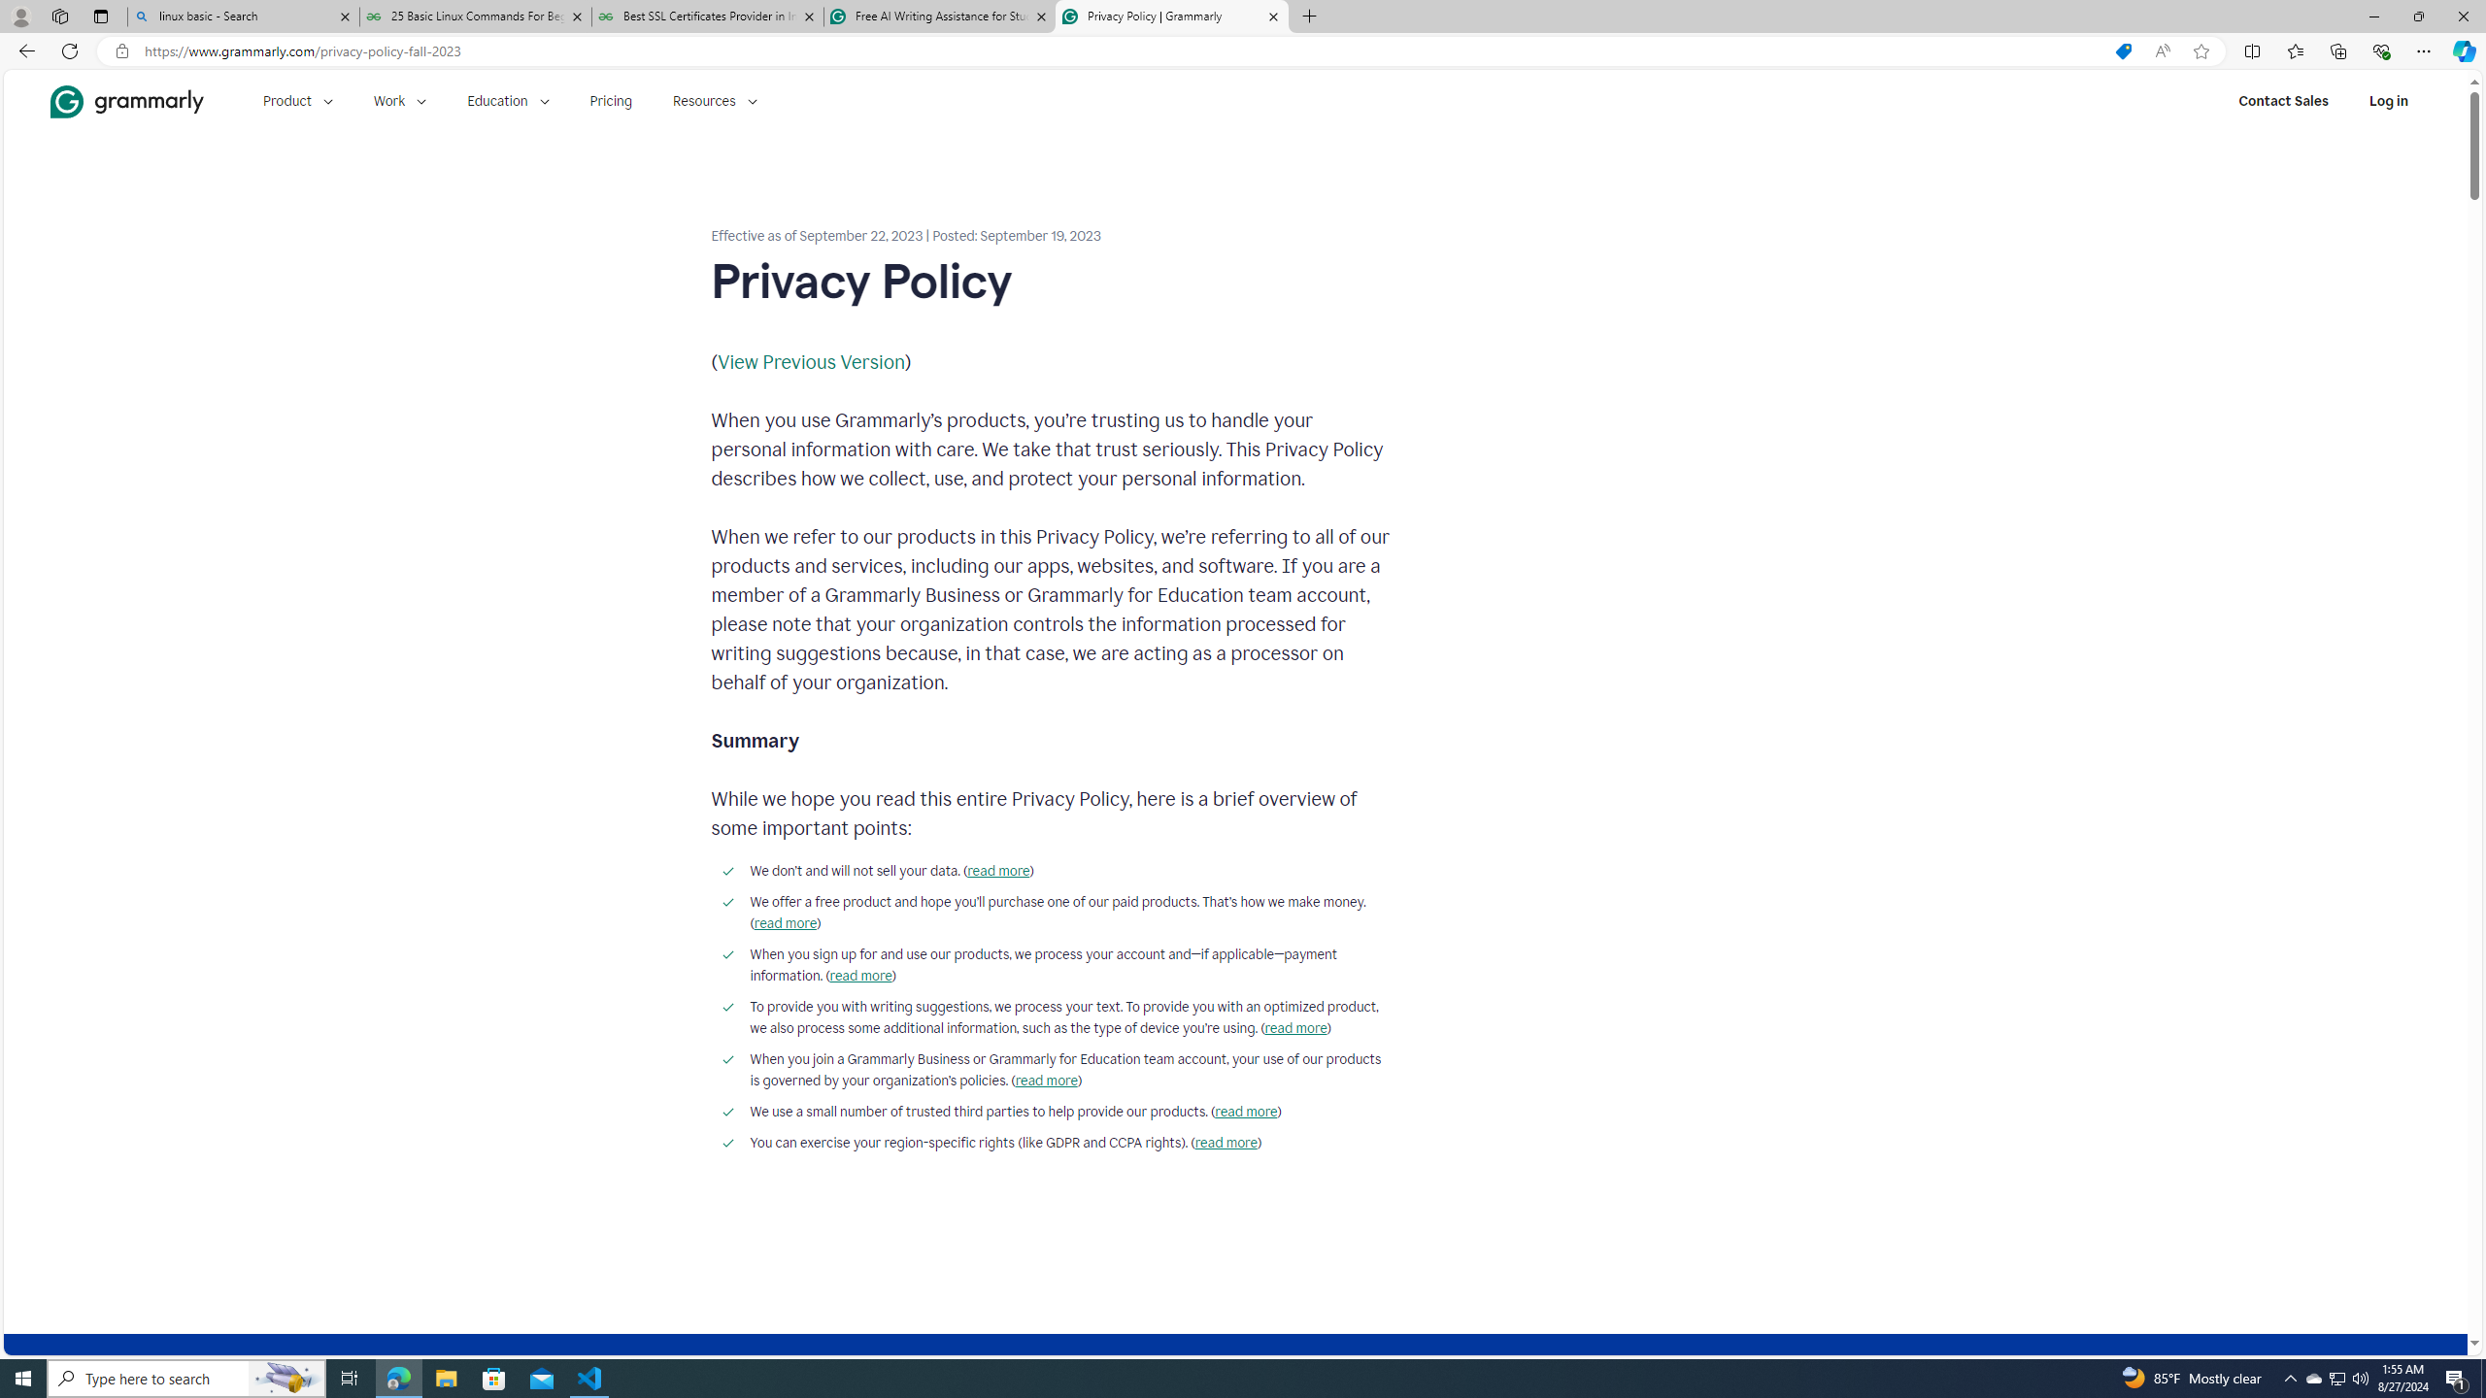  I want to click on 'Grammarly Home', so click(126, 100).